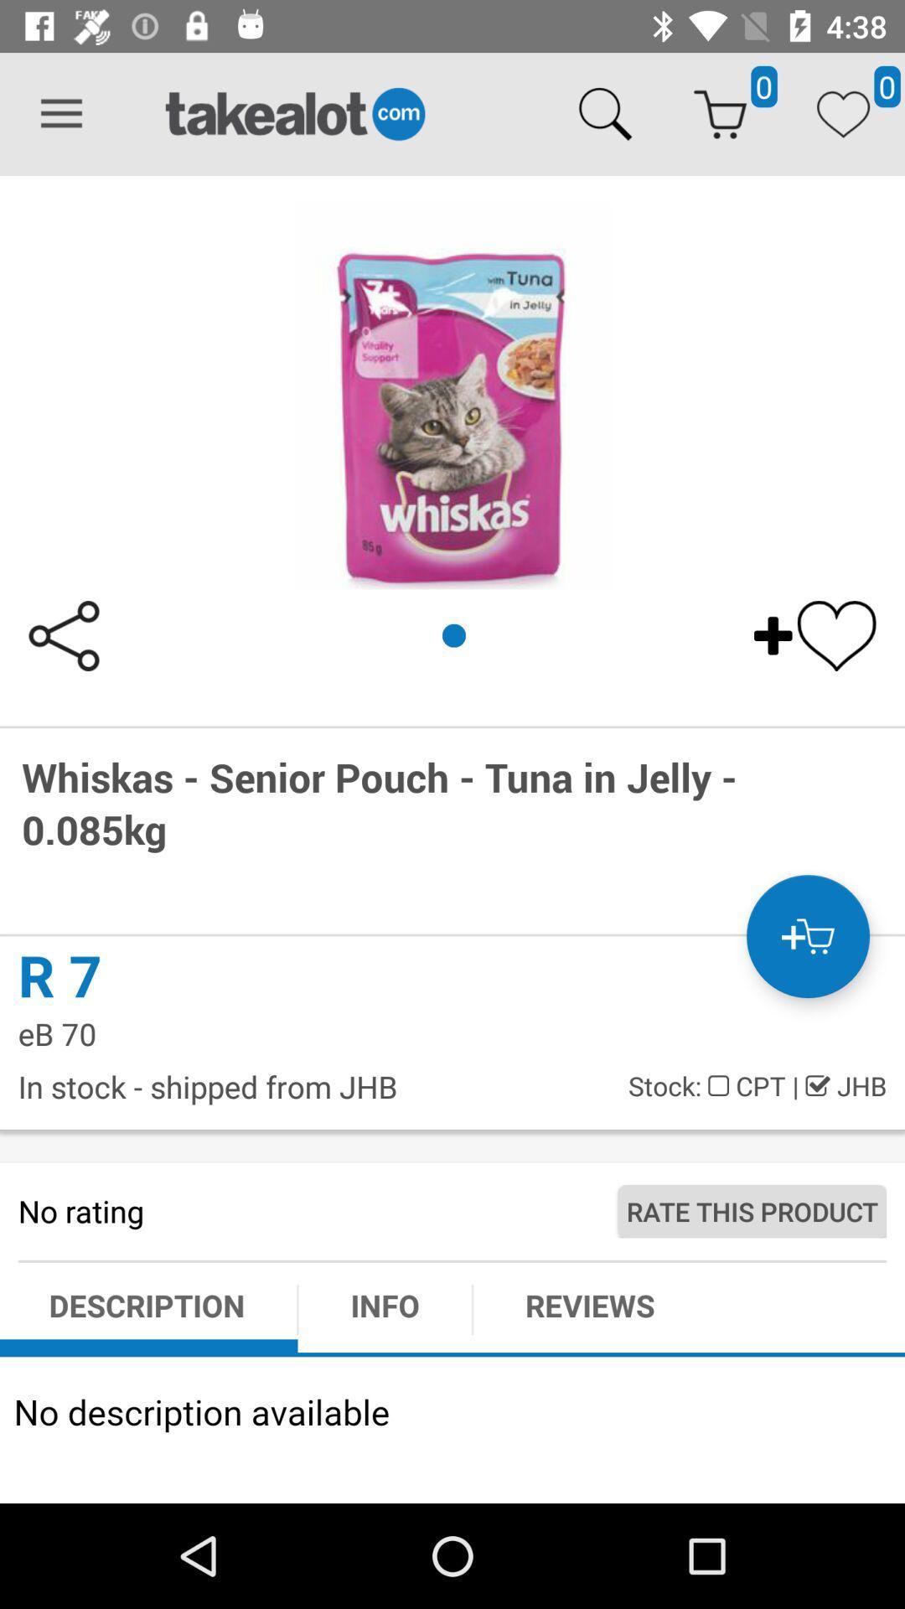 This screenshot has height=1609, width=905. I want to click on to cart, so click(807, 935).